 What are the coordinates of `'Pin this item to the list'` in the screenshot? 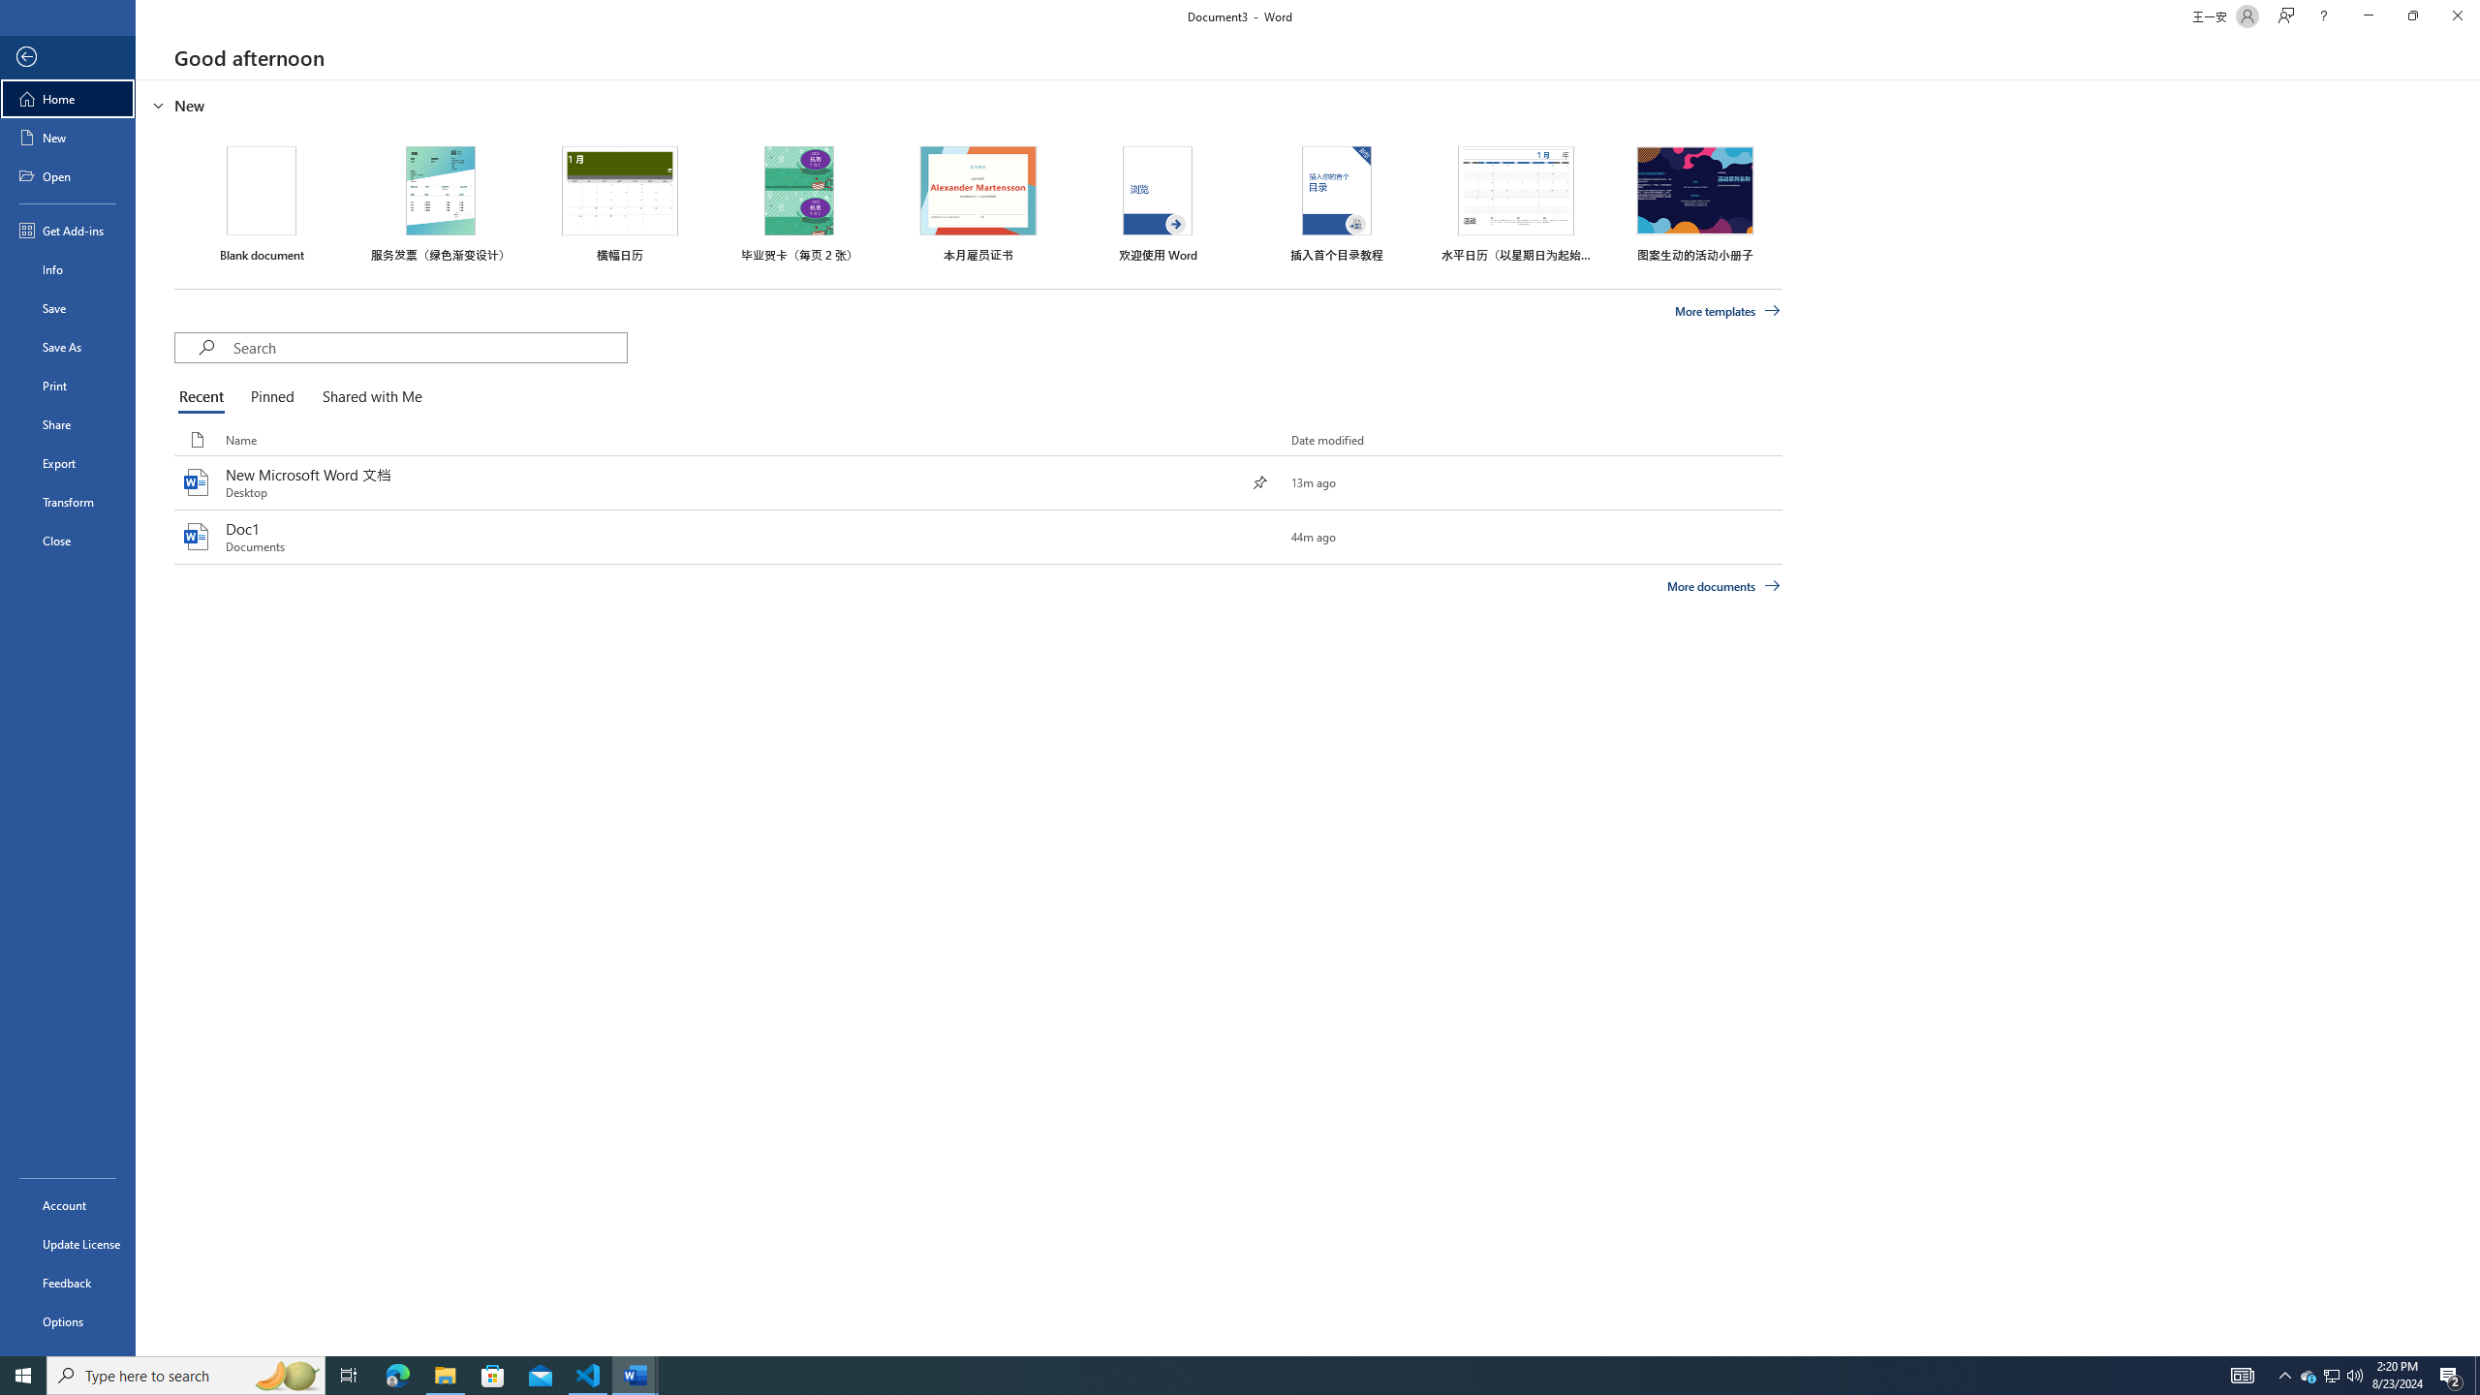 It's located at (1259, 535).